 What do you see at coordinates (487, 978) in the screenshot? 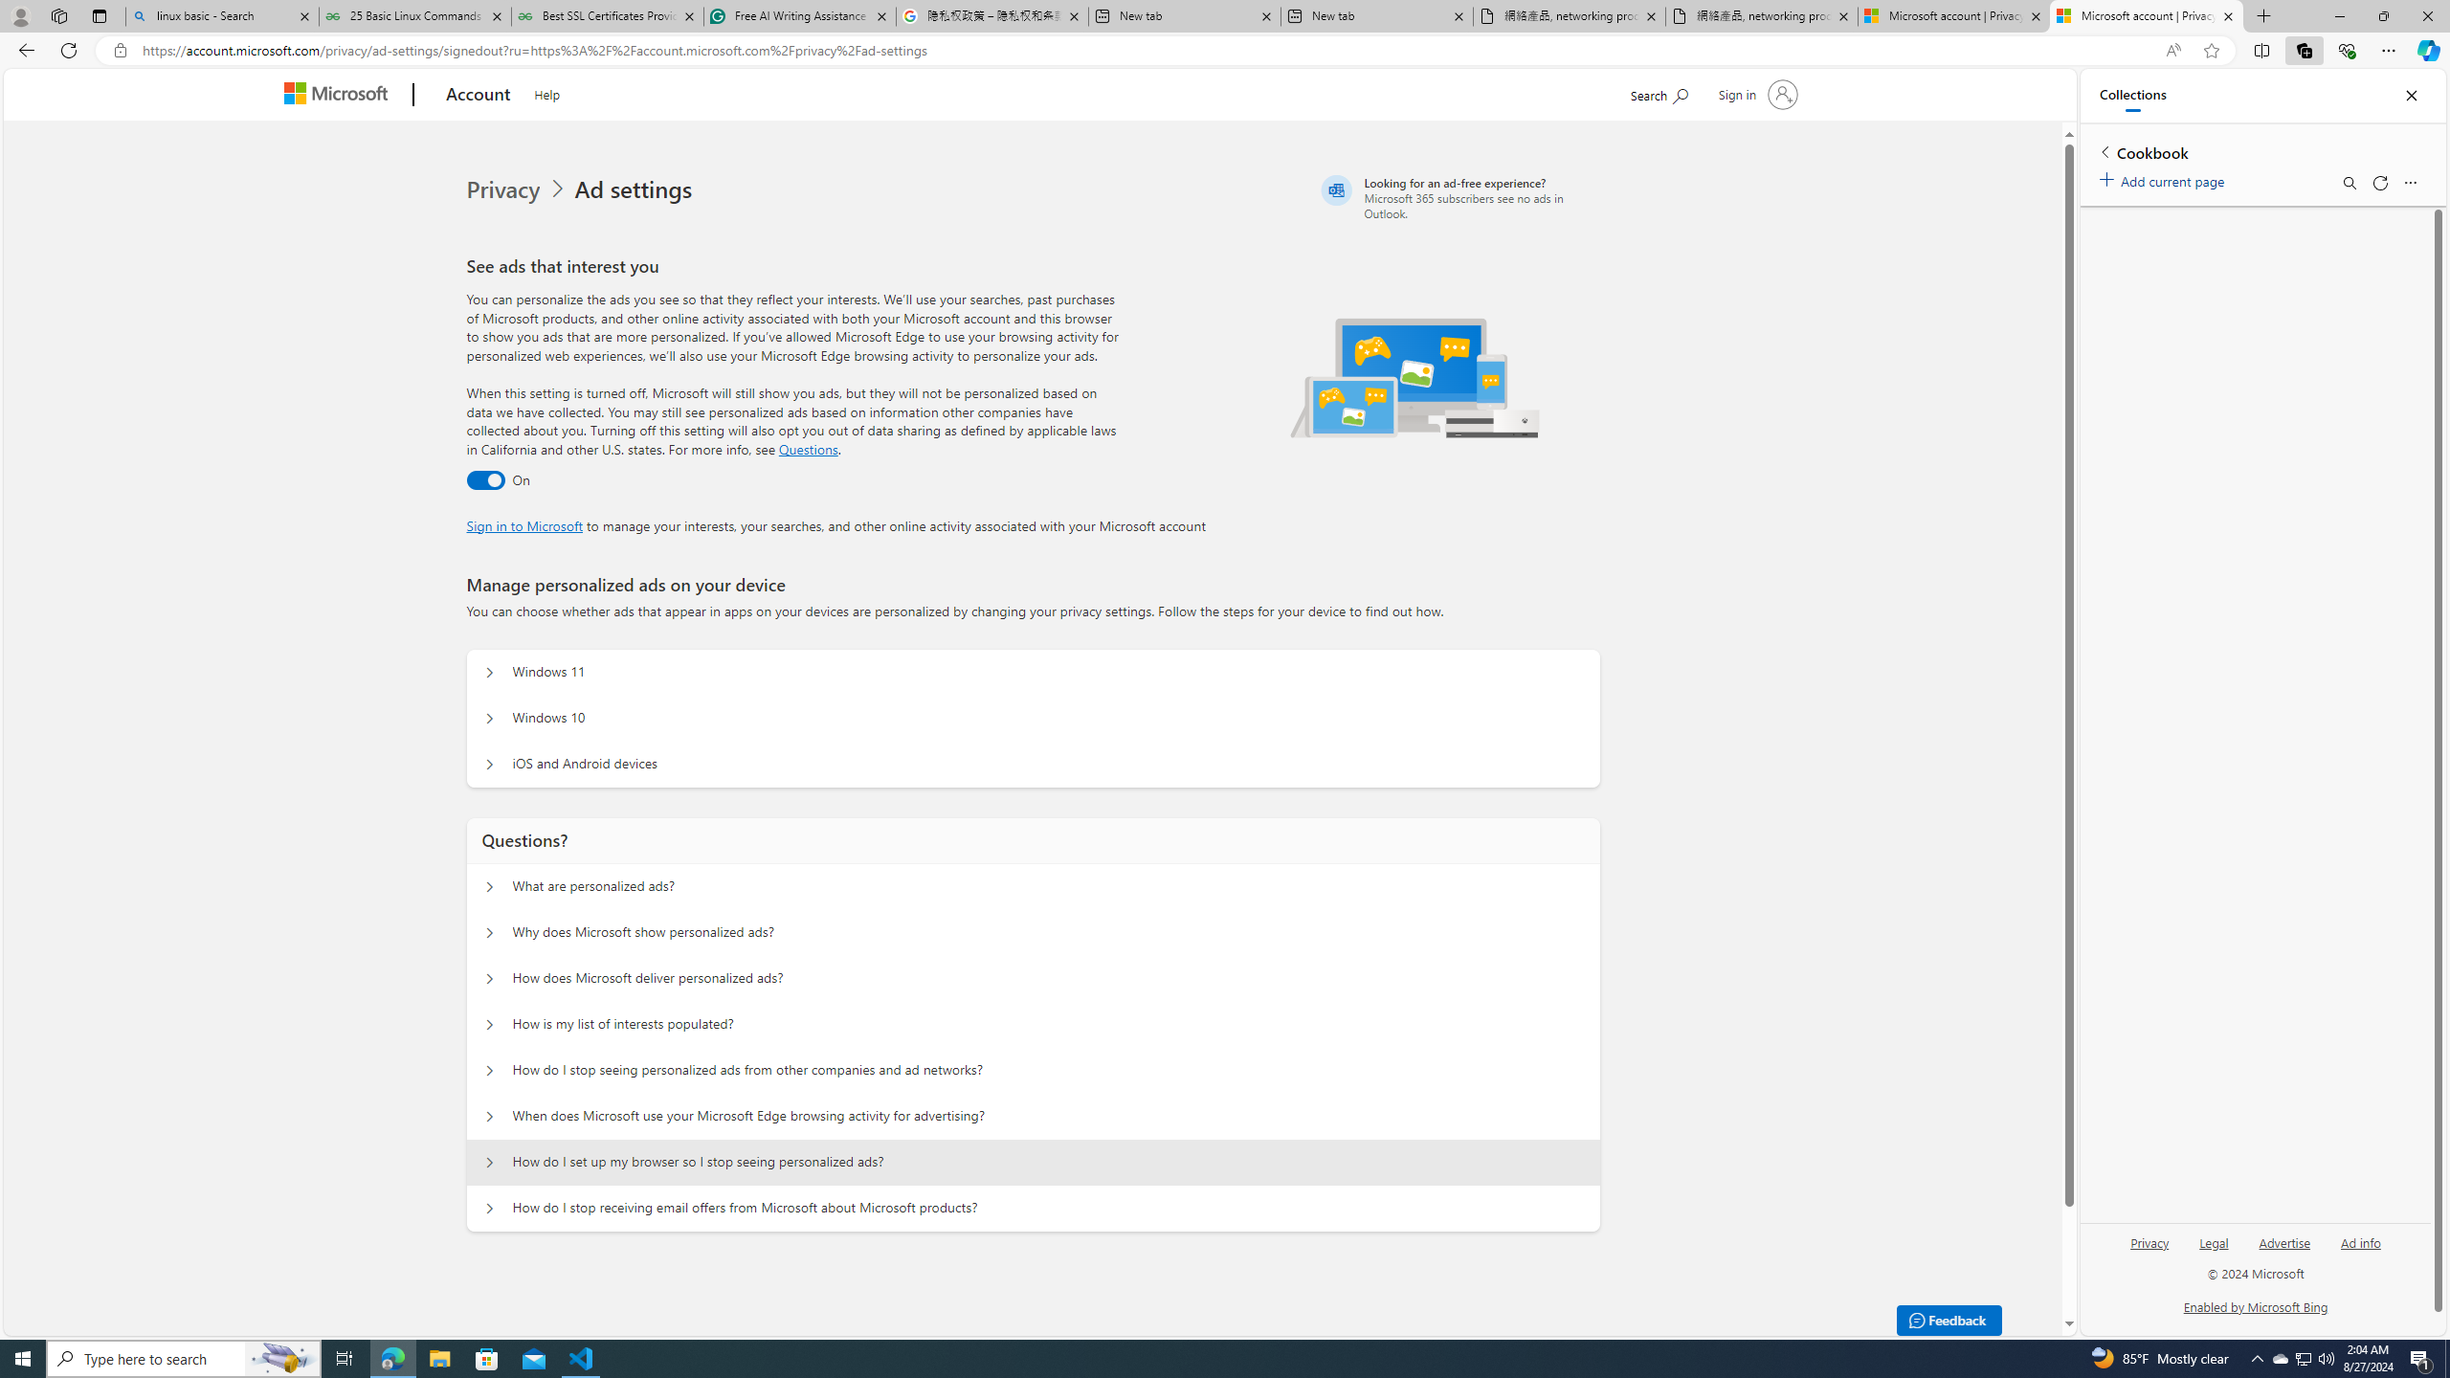
I see `'Questions? How does Microsoft deliver personalized ads?'` at bounding box center [487, 978].